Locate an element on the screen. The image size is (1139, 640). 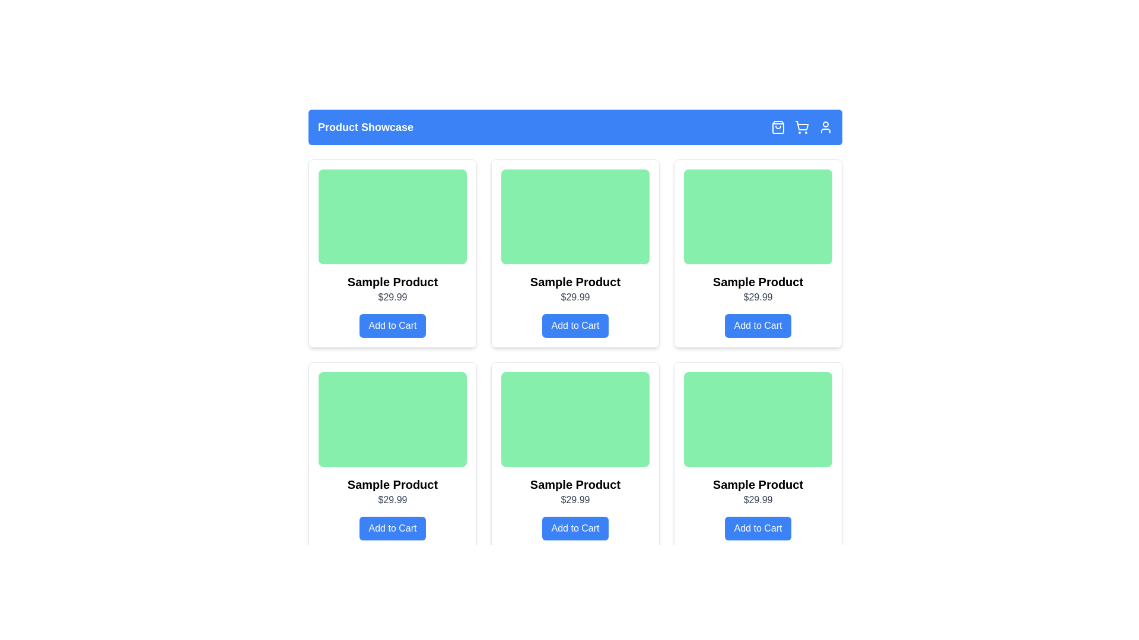
'Sample Product' text label displayed in bold font style, located beneath the green header area in the product card of the first row and first column, using developer tools is located at coordinates (393, 281).